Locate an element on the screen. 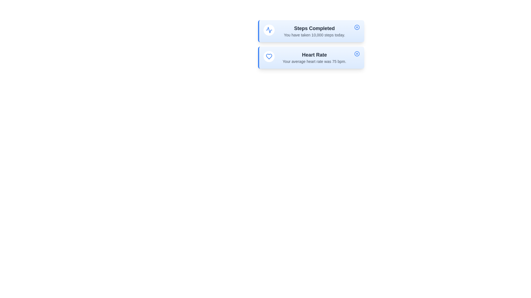  close button for the activity titled 'Steps Completed' is located at coordinates (357, 27).